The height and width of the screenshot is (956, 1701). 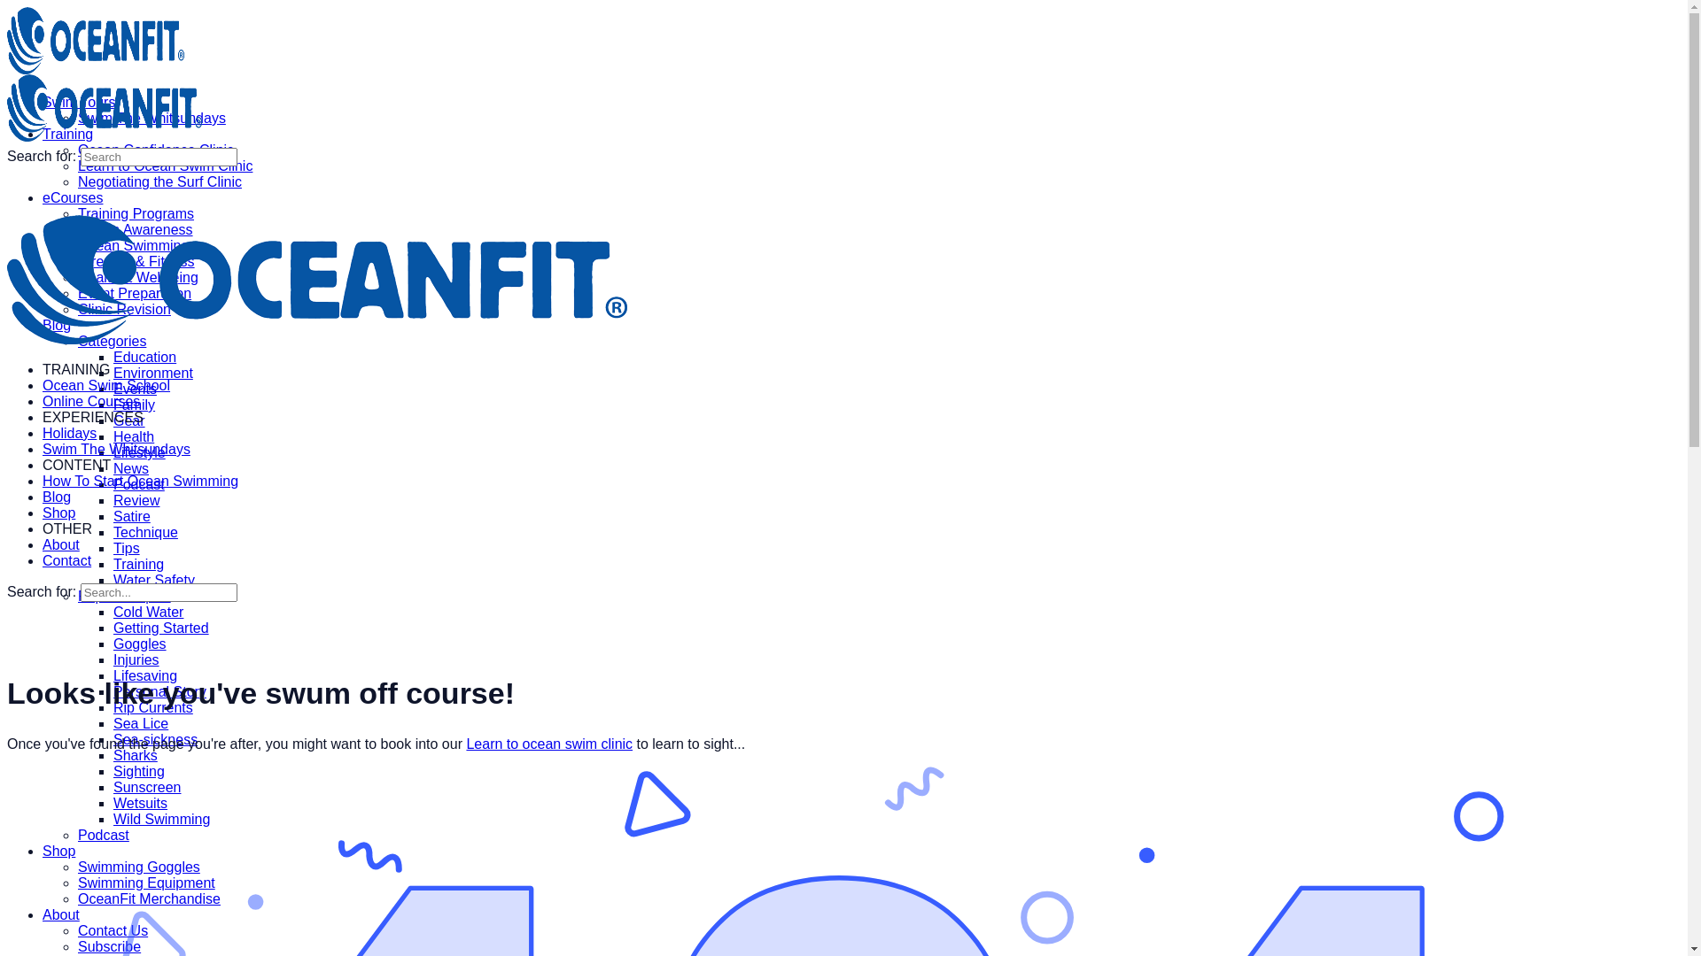 What do you see at coordinates (113, 675) in the screenshot?
I see `'Lifesaving'` at bounding box center [113, 675].